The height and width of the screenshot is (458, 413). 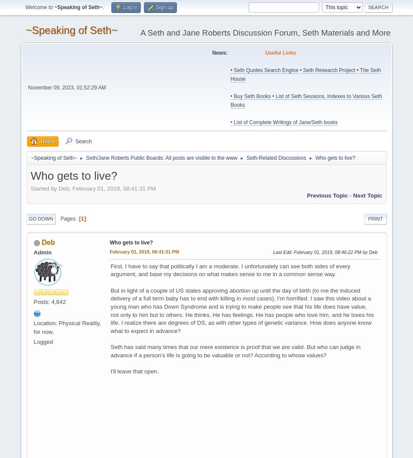 What do you see at coordinates (374, 218) in the screenshot?
I see `'Print'` at bounding box center [374, 218].